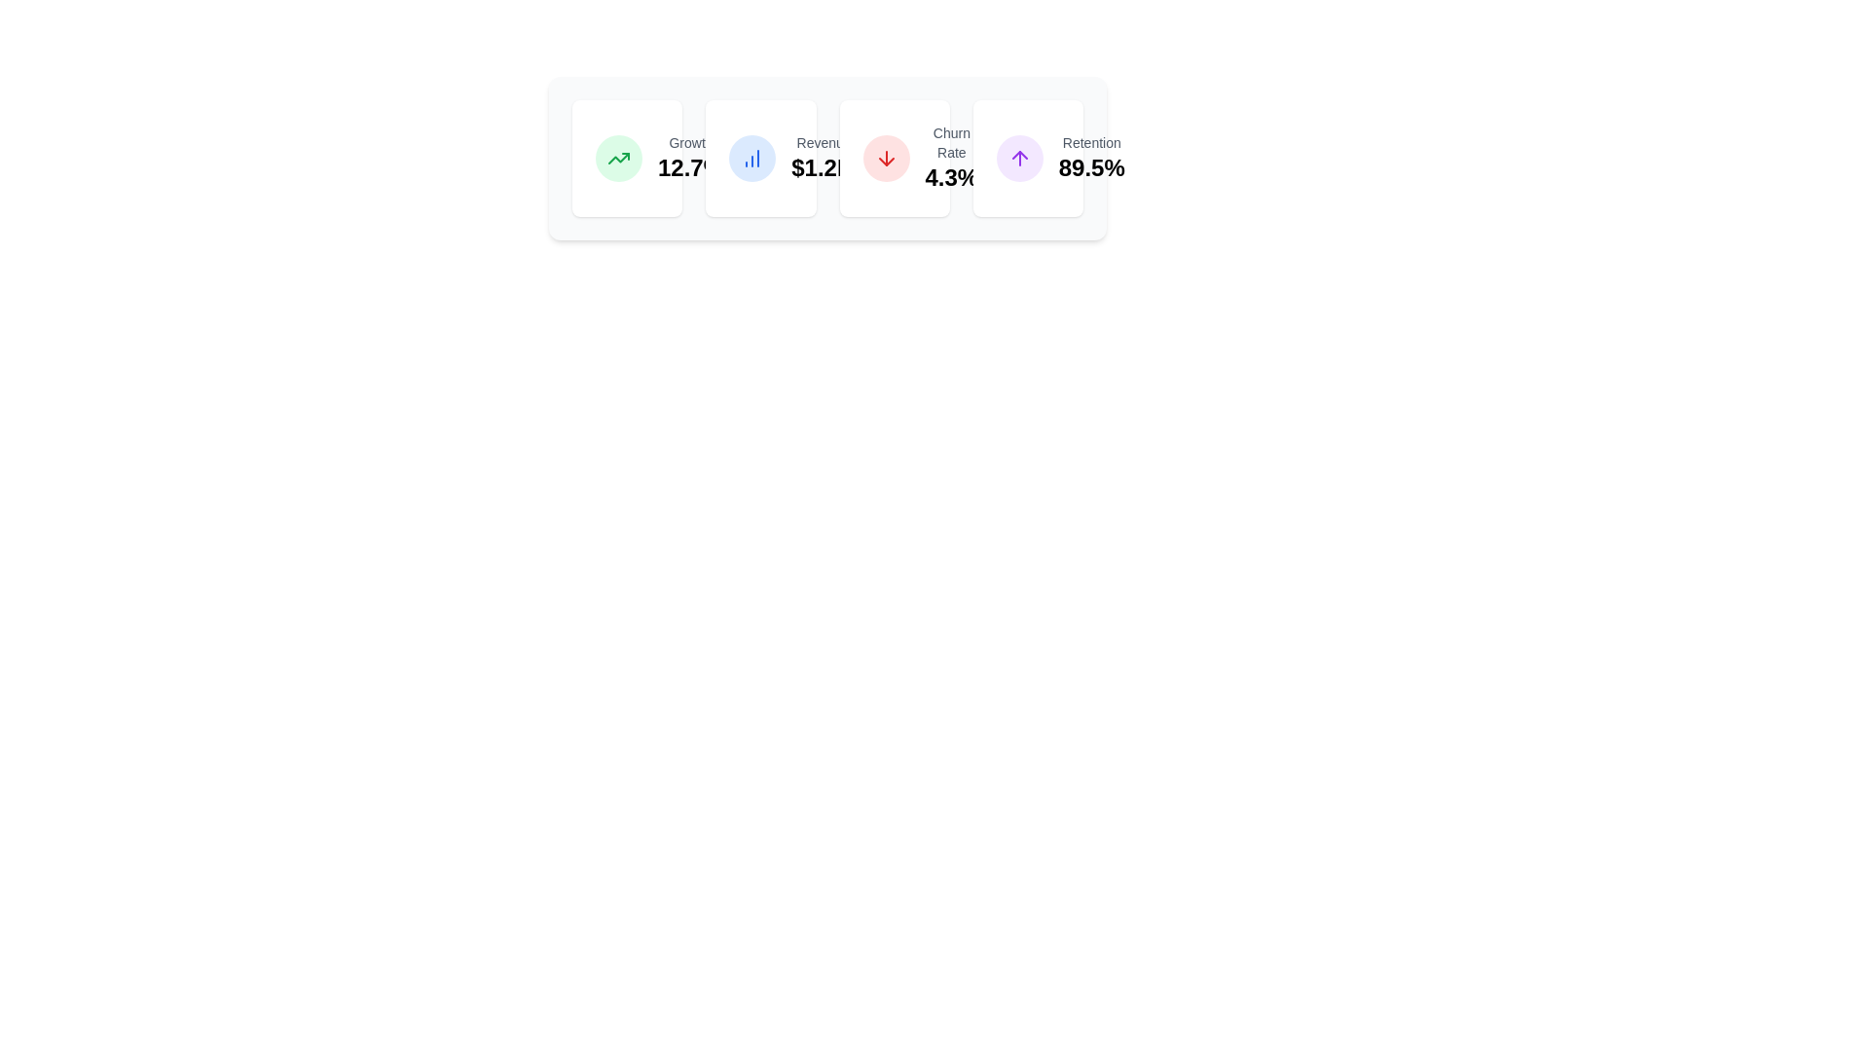 This screenshot has height=1051, width=1869. I want to click on lower-left section of the upward arrow within the 'trending up' SVG icon for debugging purposes, so click(617, 157).